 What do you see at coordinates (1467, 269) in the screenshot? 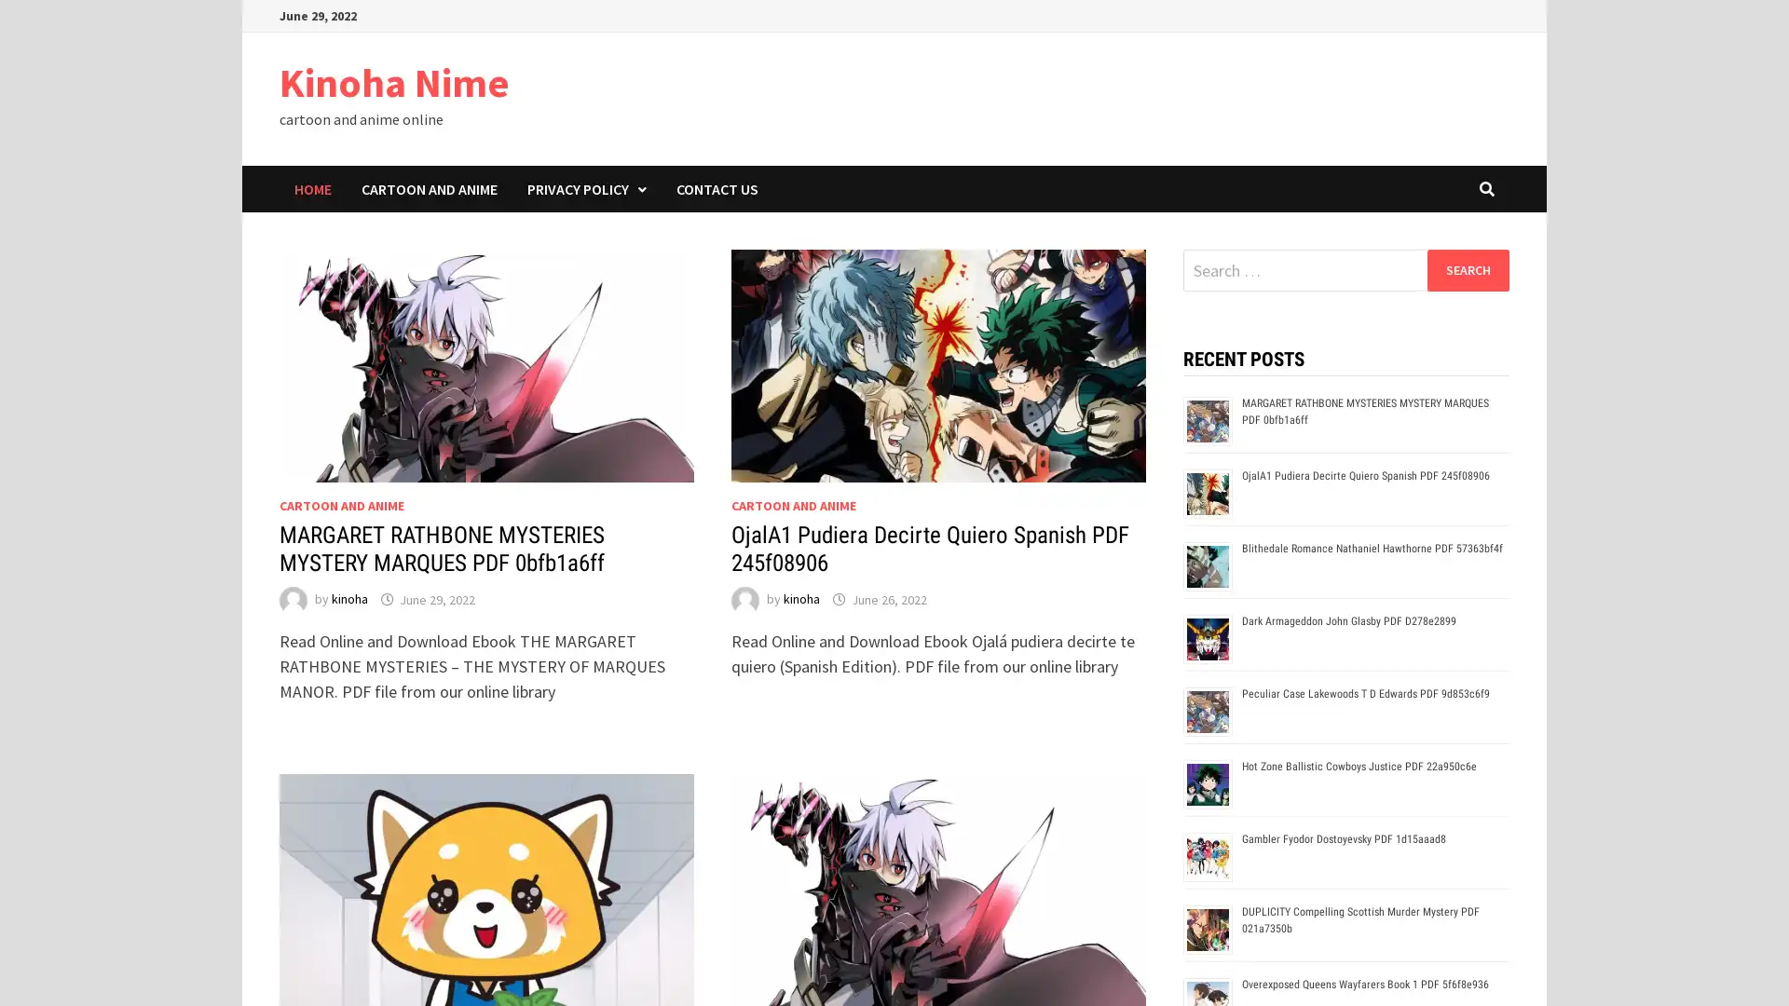
I see `Search` at bounding box center [1467, 269].